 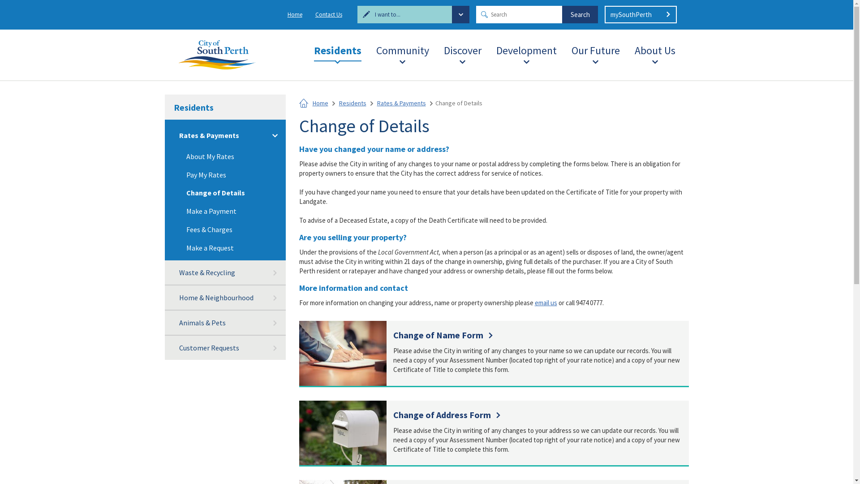 What do you see at coordinates (571, 48) in the screenshot?
I see `'Our Future'` at bounding box center [571, 48].